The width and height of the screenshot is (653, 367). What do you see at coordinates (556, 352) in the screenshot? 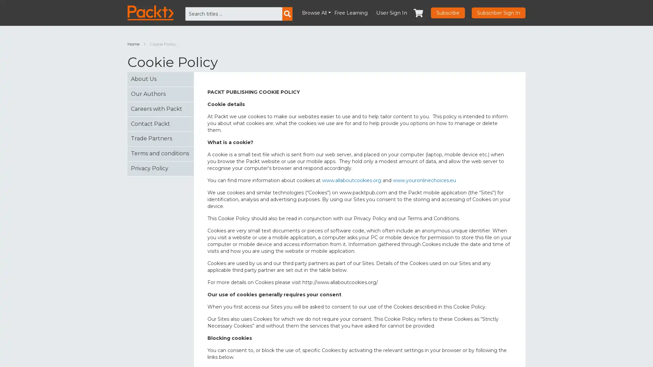
I see `More Info` at bounding box center [556, 352].